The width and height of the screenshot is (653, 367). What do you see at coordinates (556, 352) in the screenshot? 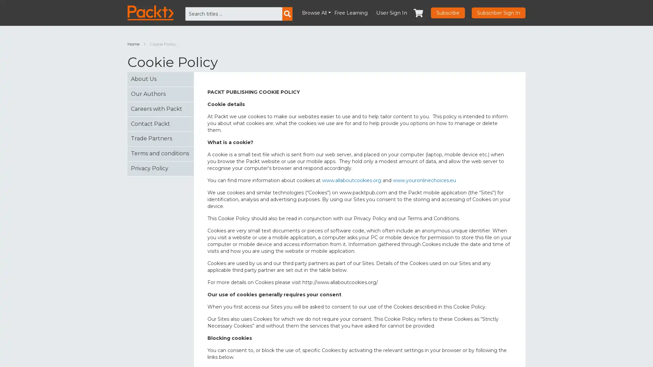
I see `More Info` at bounding box center [556, 352].